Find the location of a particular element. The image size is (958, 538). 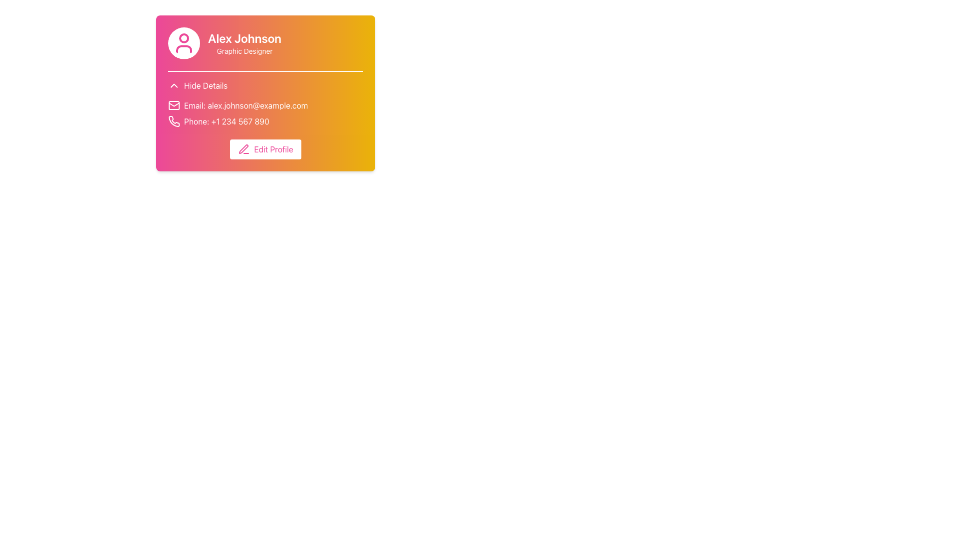

text from the title and subtitle of the profile card, which is located in the top-right area above the contact details and edit button, next to the circular user avatar is located at coordinates (244, 43).